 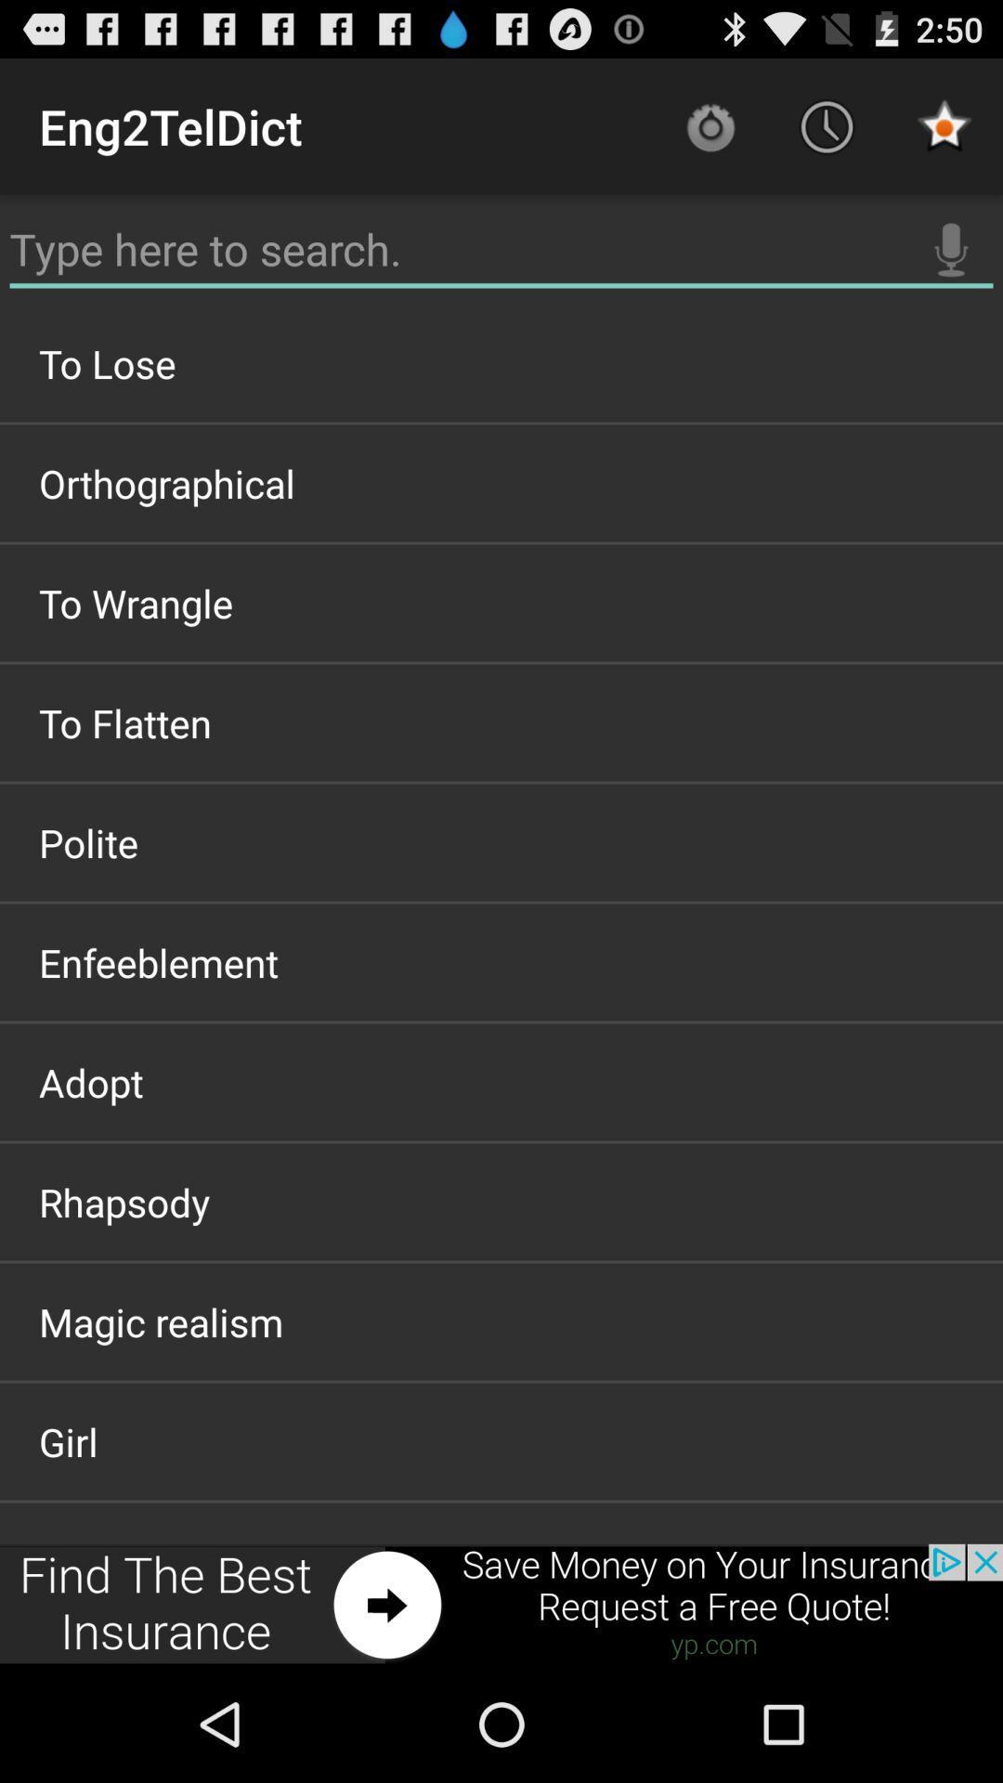 I want to click on search for desired information, so click(x=501, y=249).